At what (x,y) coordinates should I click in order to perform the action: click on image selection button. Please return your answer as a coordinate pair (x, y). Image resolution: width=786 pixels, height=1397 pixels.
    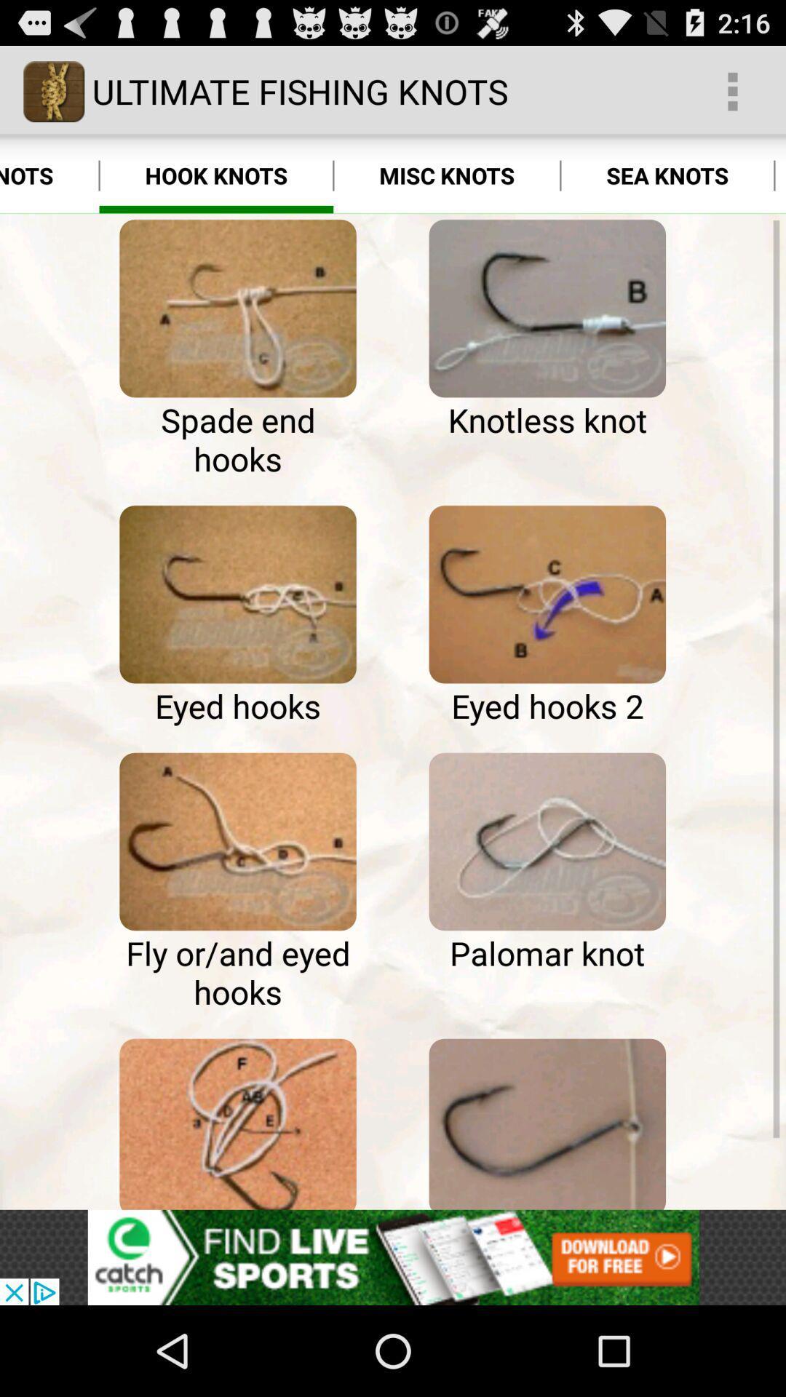
    Looking at the image, I should click on (547, 1121).